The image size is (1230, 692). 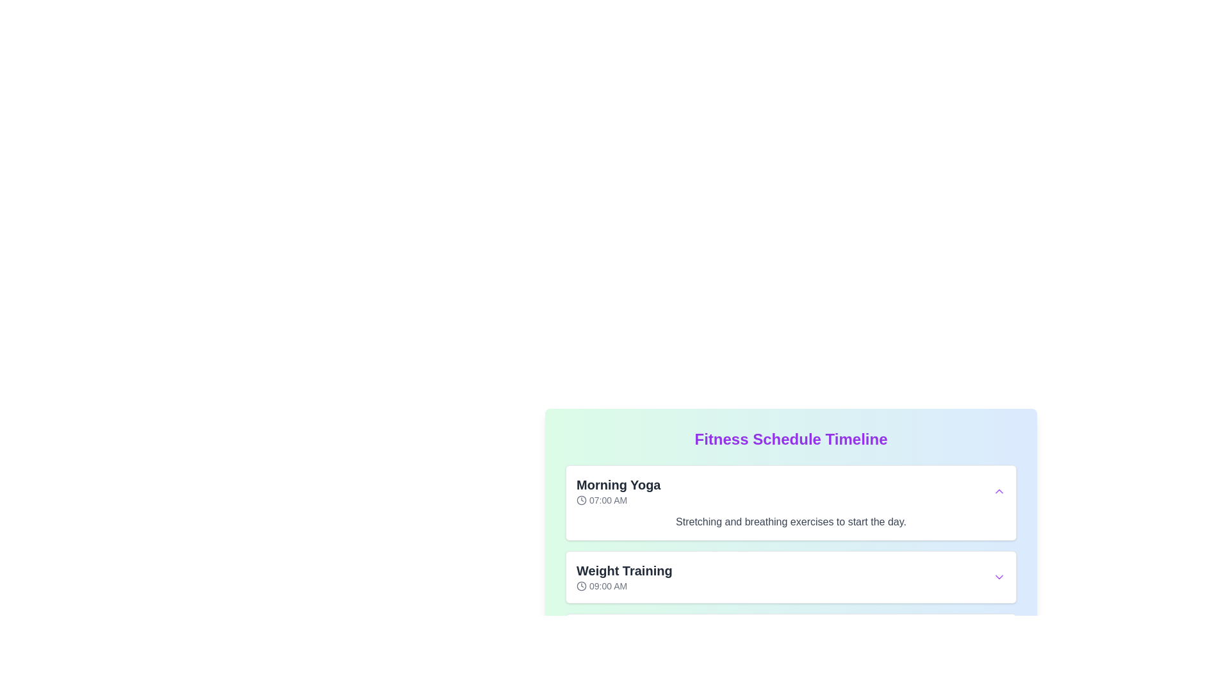 I want to click on the text label that serves as the title for the fitness schedule, positioned at the top of a rounded, shadowed panel with a gradient background, so click(x=790, y=439).